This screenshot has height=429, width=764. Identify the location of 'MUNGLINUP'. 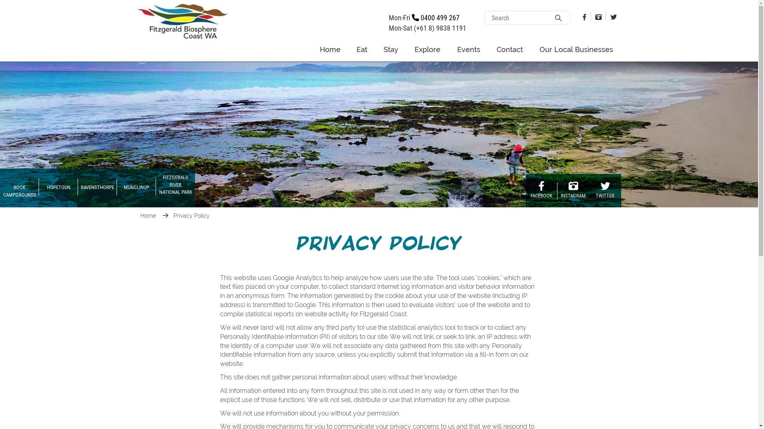
(136, 188).